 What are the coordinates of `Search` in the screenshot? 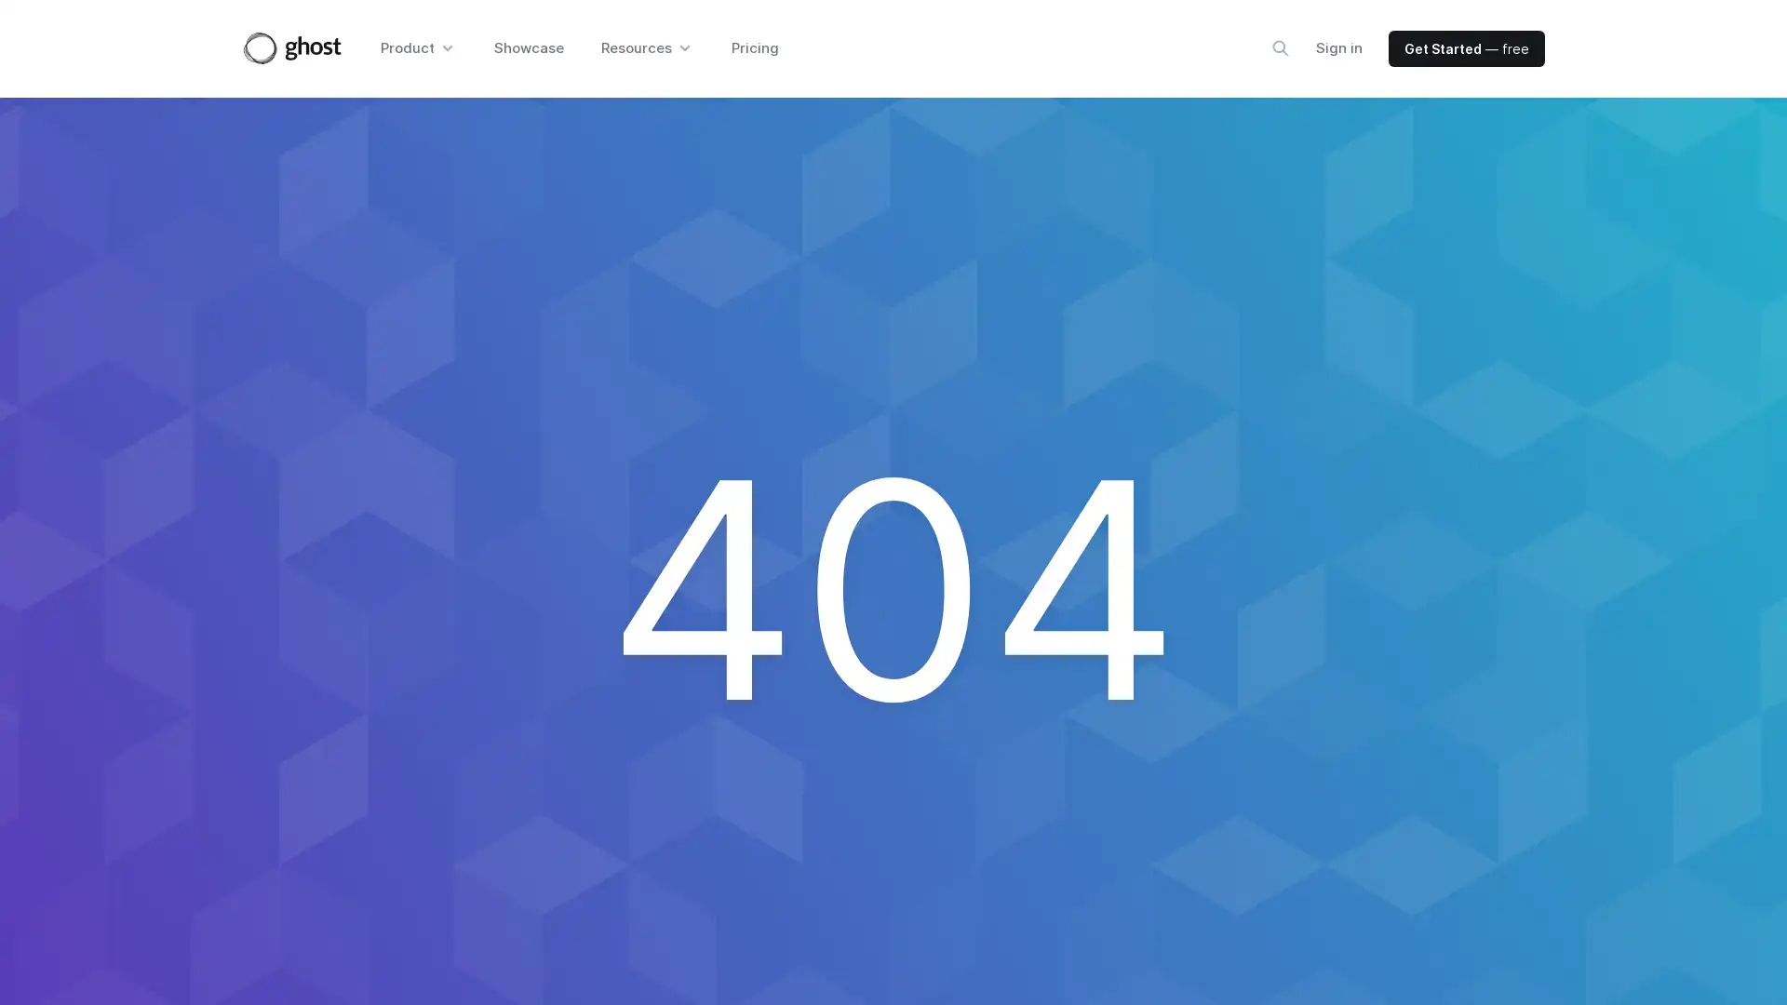 It's located at (1280, 47).